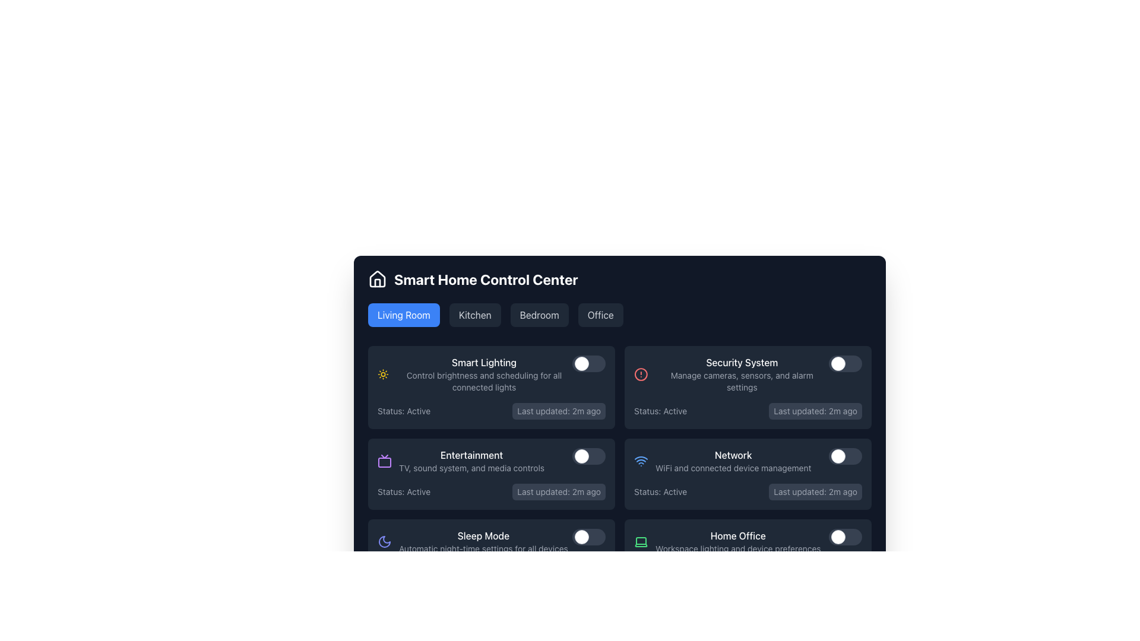  What do you see at coordinates (385, 460) in the screenshot?
I see `the 'Entertainment' icon, which visually represents the section related to TV, sound systems, and media controls, located to the left of the 'Entertainment' heading in the Smart Home Control Center interface` at bounding box center [385, 460].